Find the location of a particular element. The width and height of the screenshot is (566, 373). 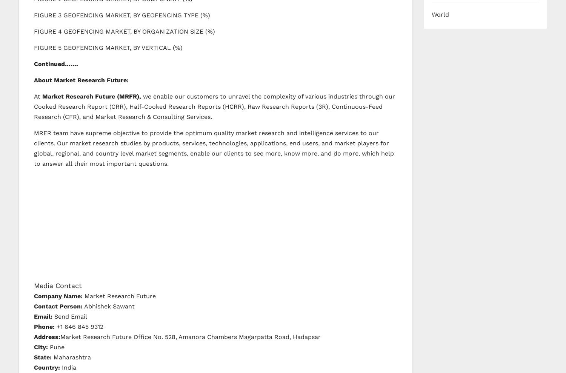

'Email:' is located at coordinates (43, 316).